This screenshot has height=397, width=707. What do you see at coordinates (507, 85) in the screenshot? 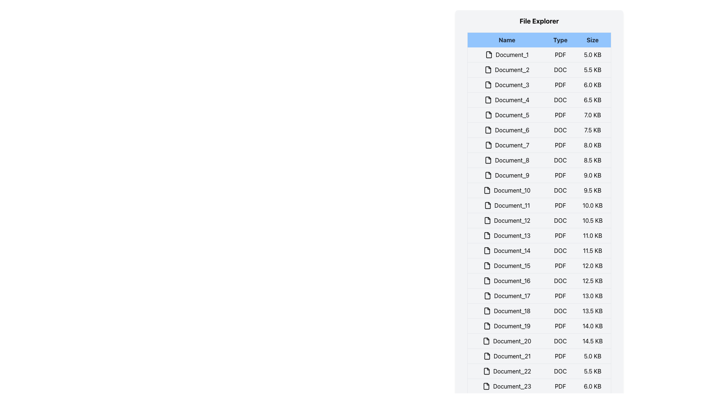
I see `the Text label that represents the file 'Document_3' in the file explorer interface, located in the leftmost column under the 'Name' header` at bounding box center [507, 85].